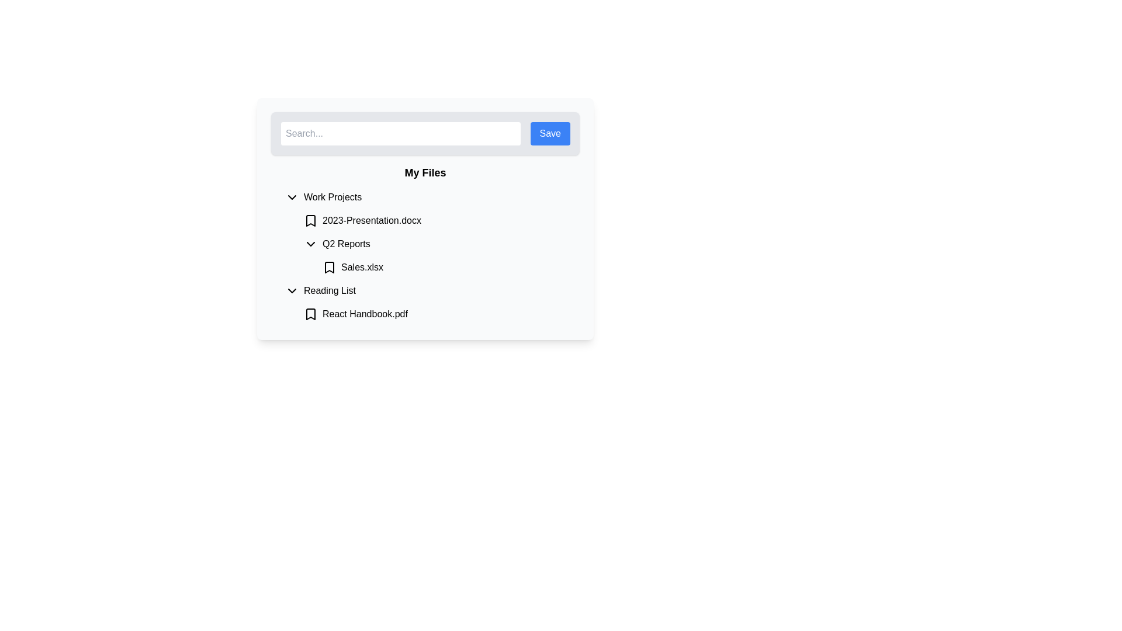  Describe the element at coordinates (292, 290) in the screenshot. I see `the Chevron icon button that points downward, located to the left of the 'Reading List' label in the sidebar` at that location.